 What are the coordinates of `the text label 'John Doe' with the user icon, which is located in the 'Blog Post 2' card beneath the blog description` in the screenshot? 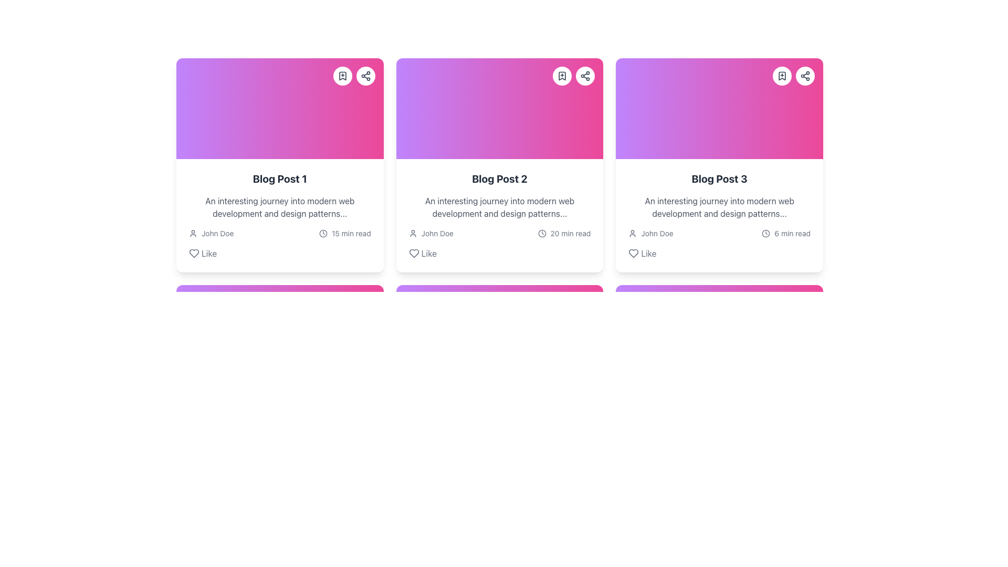 It's located at (431, 233).